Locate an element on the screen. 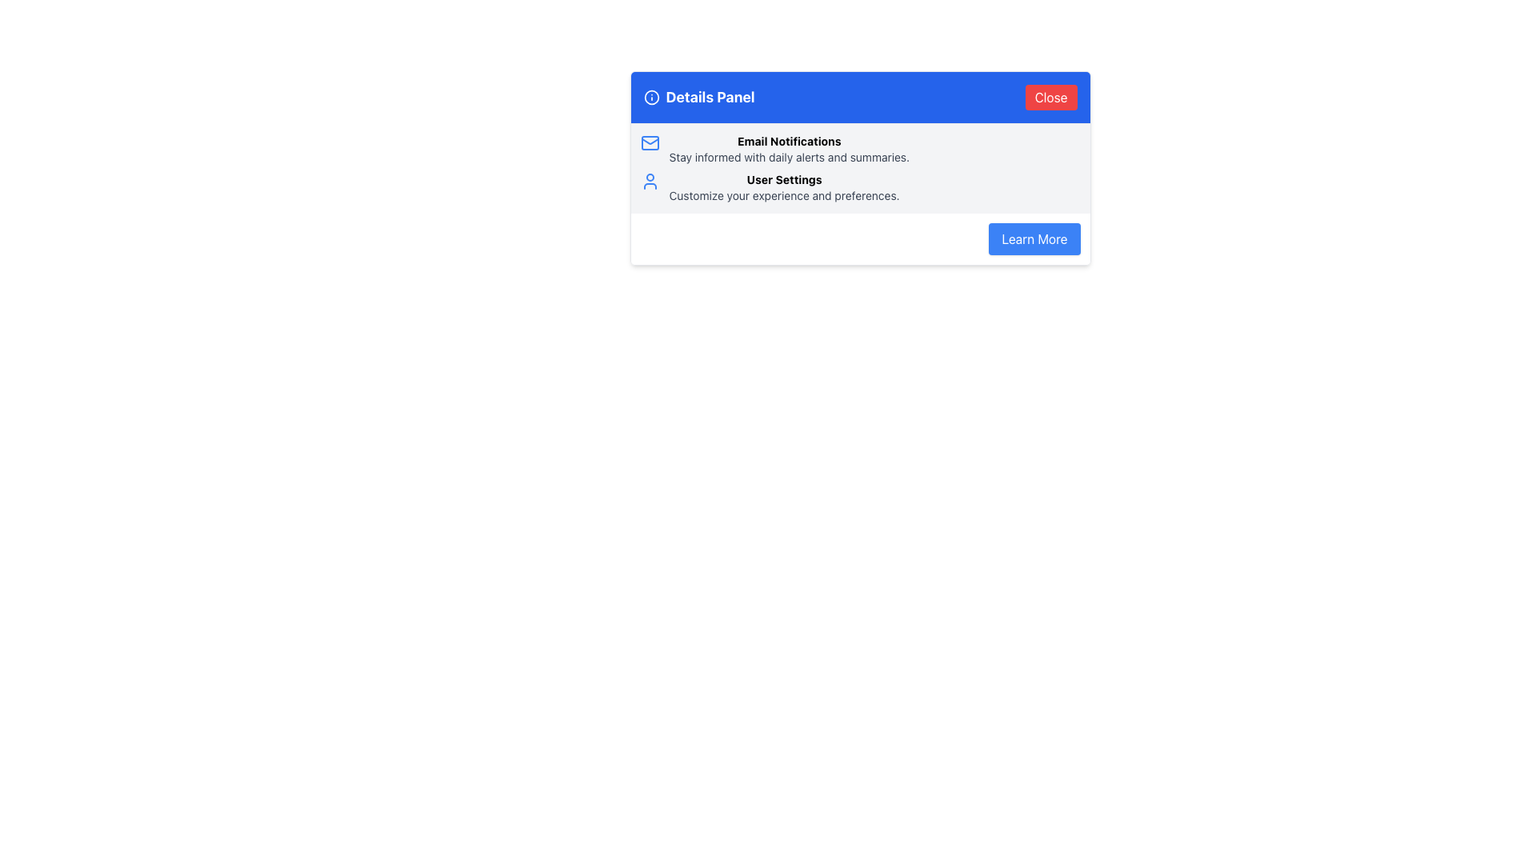 Image resolution: width=1536 pixels, height=864 pixels. information from the text label that says 'Stay informed with daily alerts and summaries.' located below the 'Email Notifications' title in the 'Details Panel' is located at coordinates (789, 157).